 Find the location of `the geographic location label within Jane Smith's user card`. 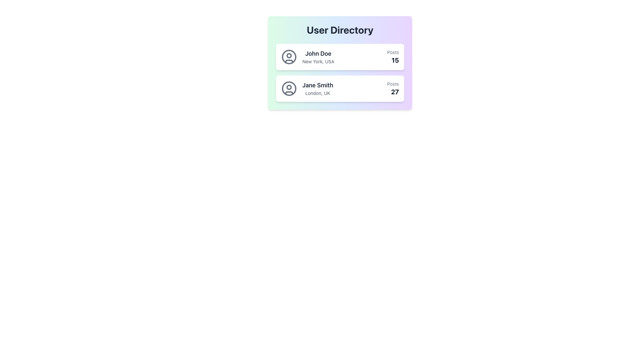

the geographic location label within Jane Smith's user card is located at coordinates (318, 93).